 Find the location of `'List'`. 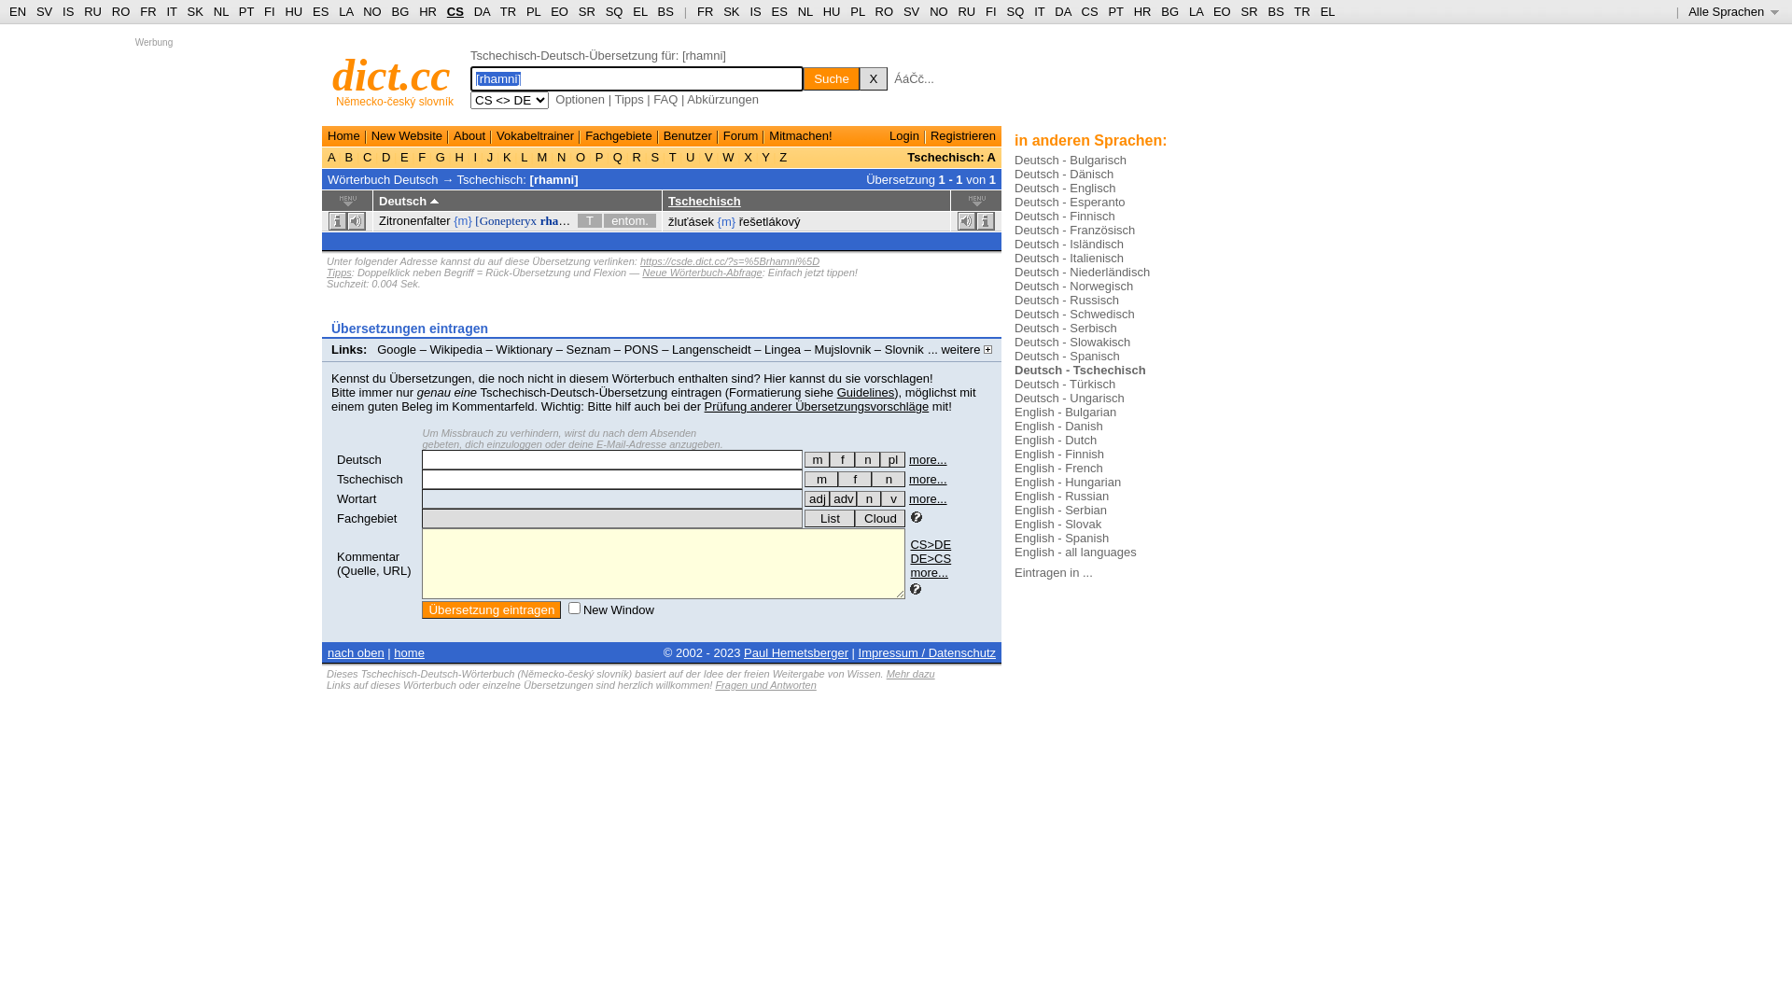

'List' is located at coordinates (828, 518).